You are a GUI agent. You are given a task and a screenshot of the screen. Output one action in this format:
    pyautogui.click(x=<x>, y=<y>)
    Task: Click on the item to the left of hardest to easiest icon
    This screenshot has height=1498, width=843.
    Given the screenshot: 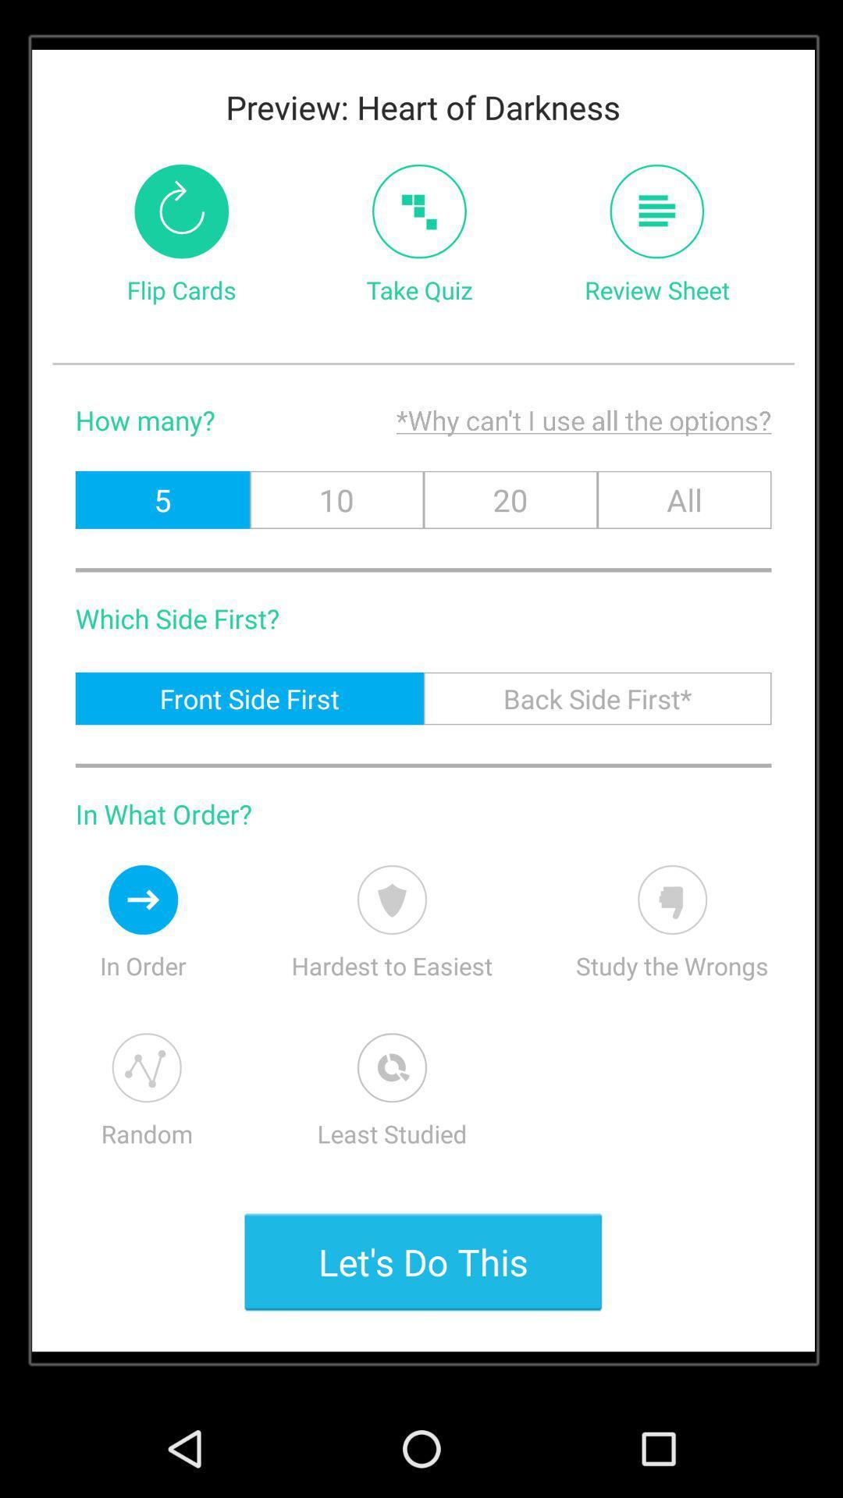 What is the action you would take?
    pyautogui.click(x=143, y=900)
    